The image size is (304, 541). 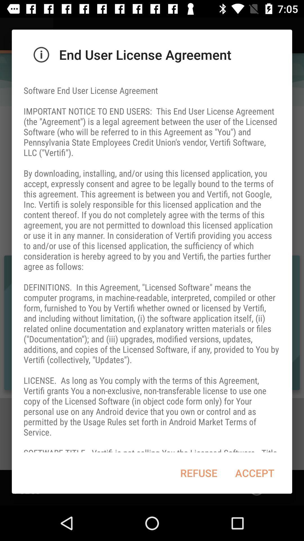 What do you see at coordinates (255, 473) in the screenshot?
I see `item to the right of the refuse item` at bounding box center [255, 473].